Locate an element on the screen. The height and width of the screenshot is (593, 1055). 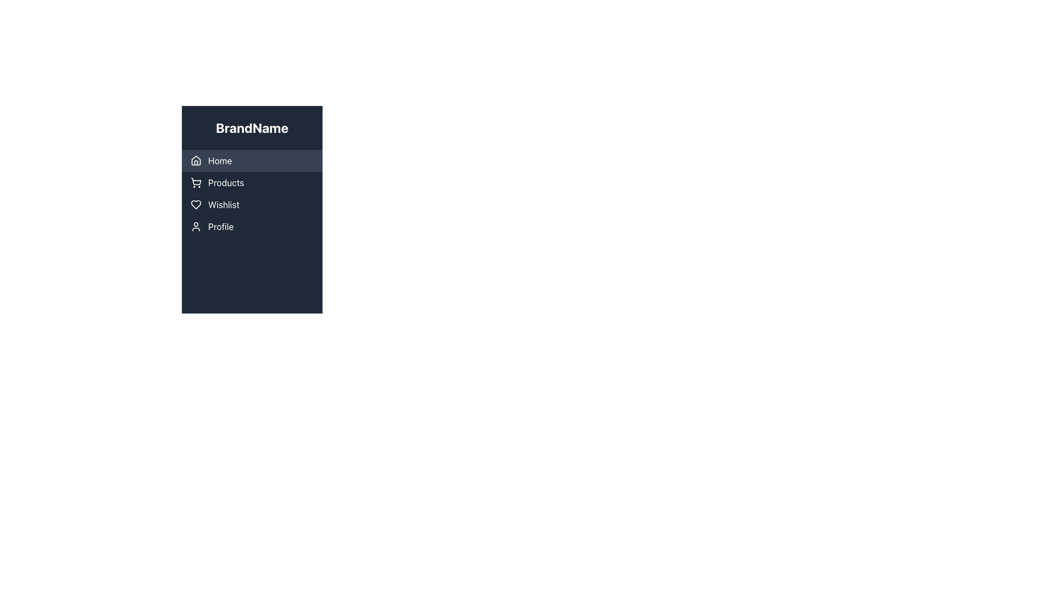
the 'Wishlist' text label, which serves as an indicator for the respective functionality in the vertically arranged menu is located at coordinates (223, 205).